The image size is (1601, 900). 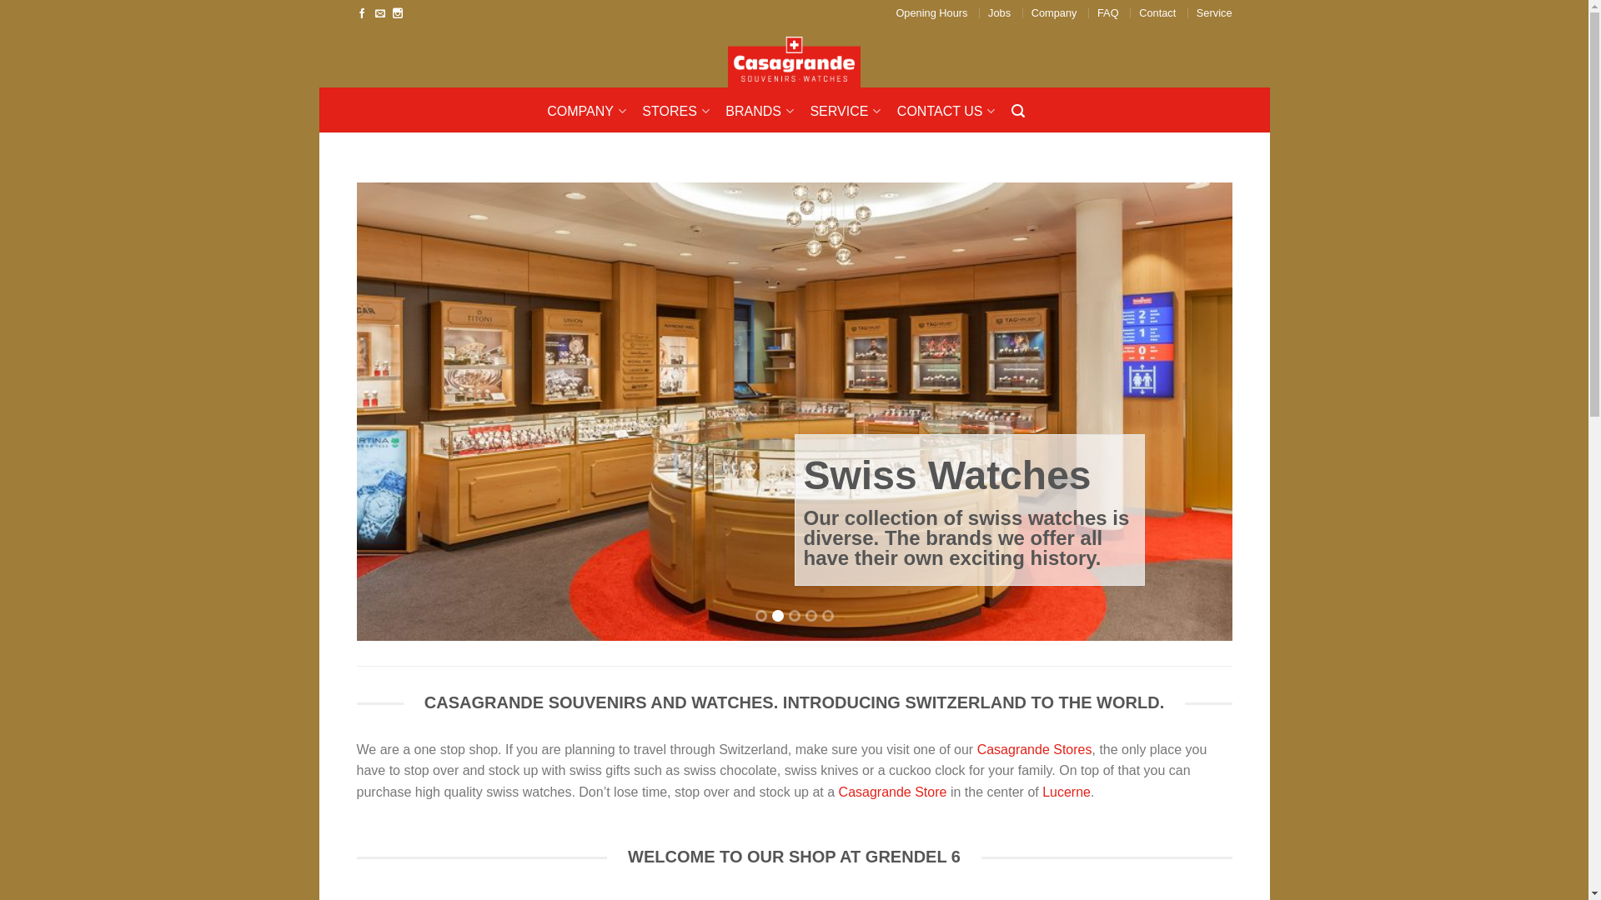 I want to click on 'SERVICE', so click(x=851, y=111).